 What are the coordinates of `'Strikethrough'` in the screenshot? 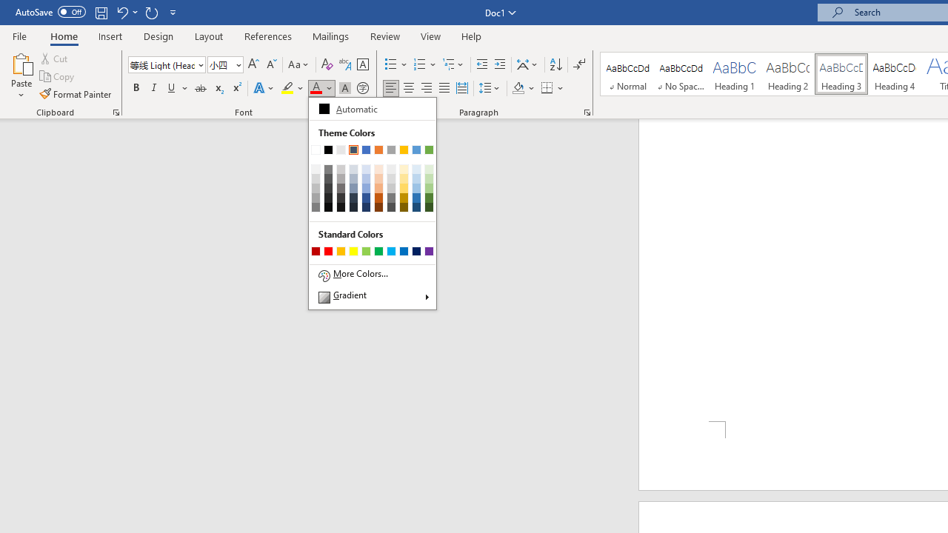 It's located at (199, 88).